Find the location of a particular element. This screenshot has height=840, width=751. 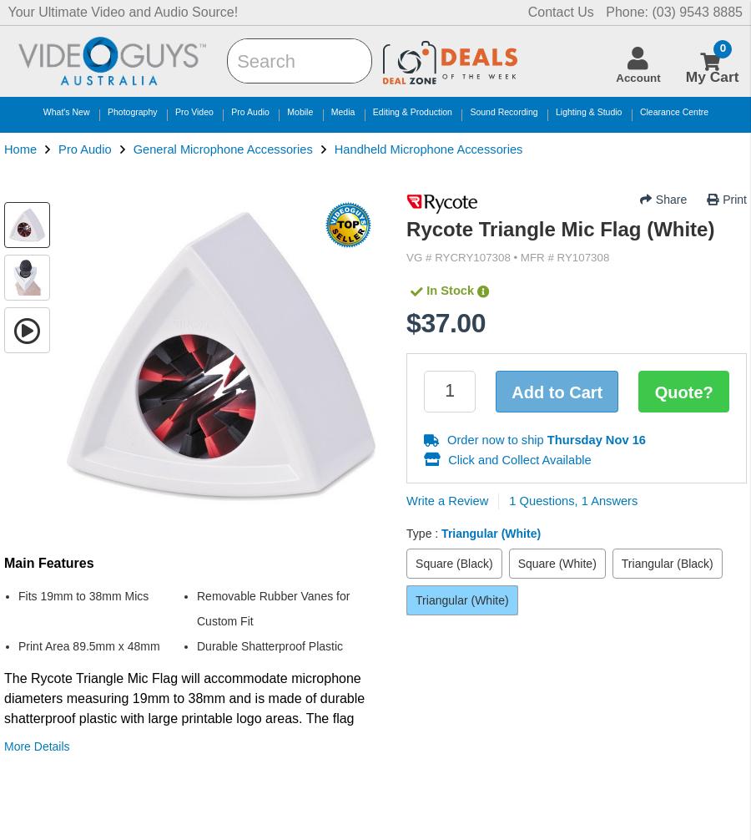

'Pro Video' is located at coordinates (193, 111).